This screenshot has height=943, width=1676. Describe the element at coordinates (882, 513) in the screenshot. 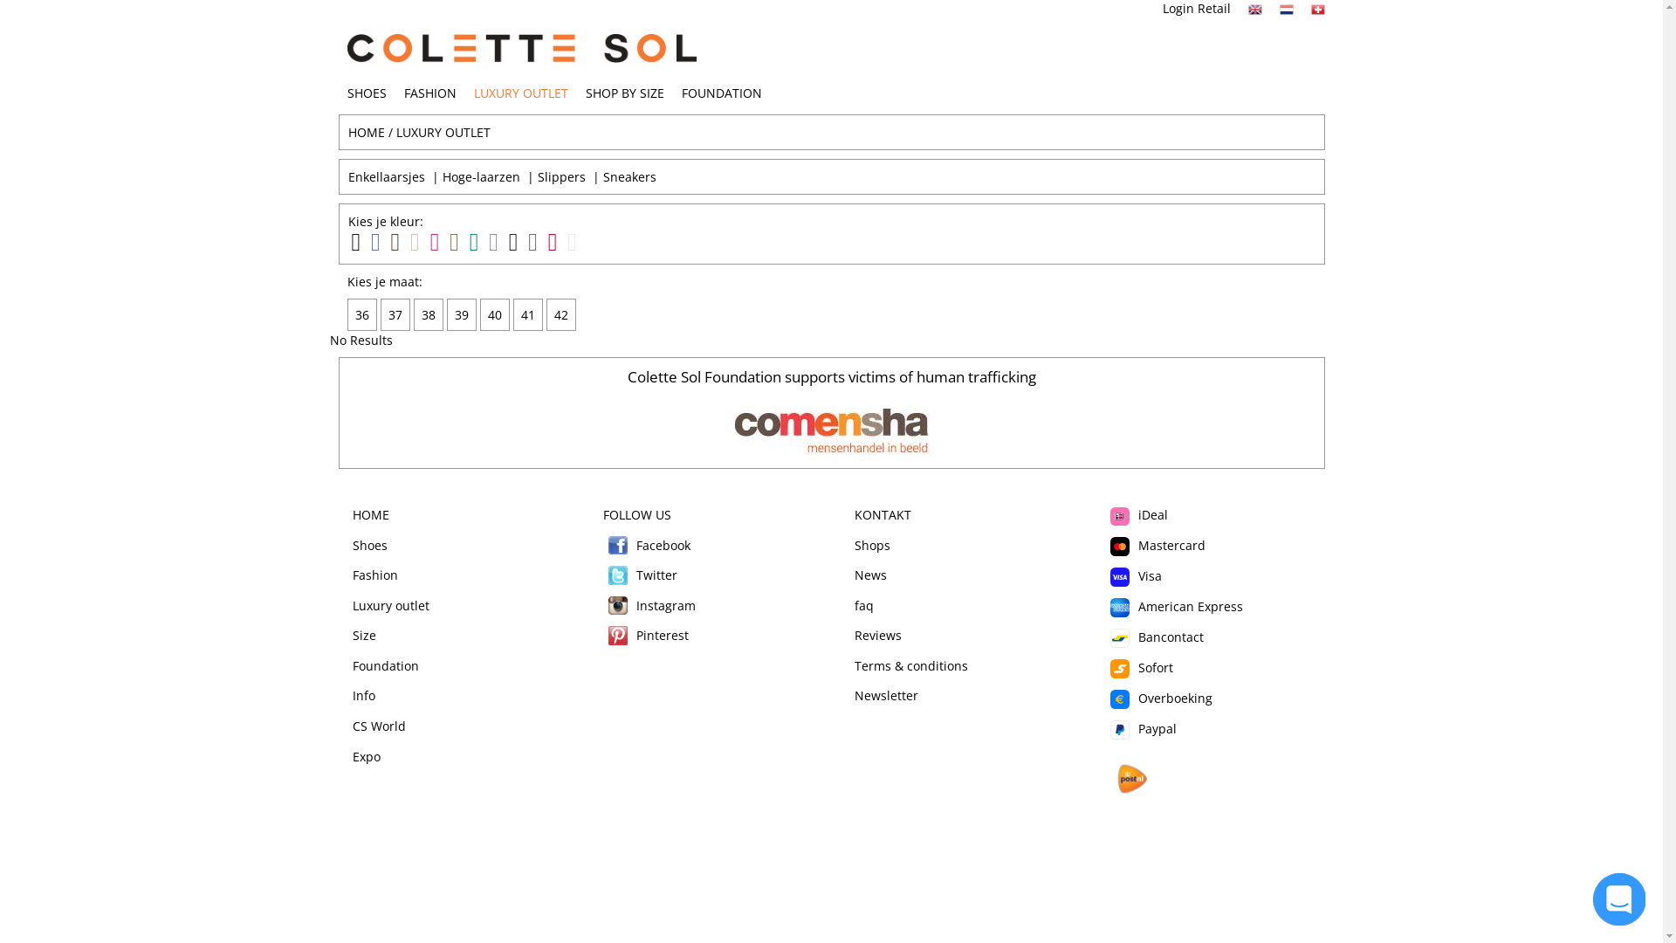

I see `'KONTAKT'` at that location.